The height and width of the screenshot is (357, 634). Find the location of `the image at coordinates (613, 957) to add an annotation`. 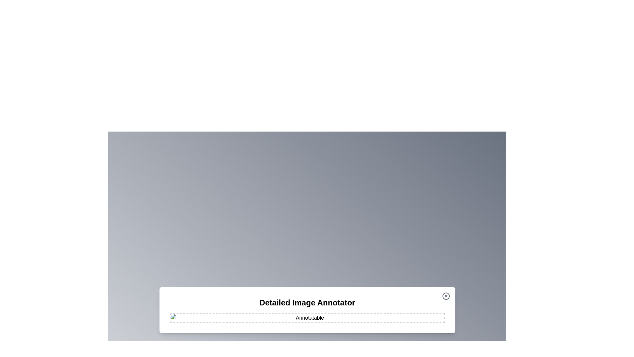

the image at coordinates (613, 957) to add an annotation is located at coordinates (202, 316).